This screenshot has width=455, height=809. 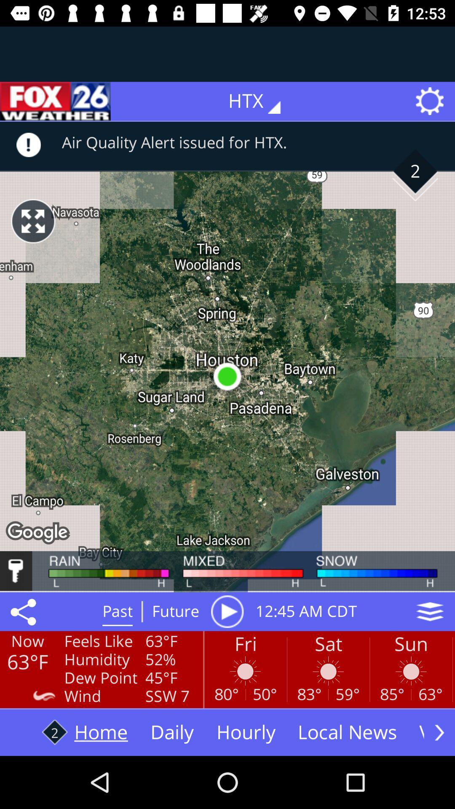 What do you see at coordinates (227, 611) in the screenshot?
I see `the icon to the left of 12 45 am item` at bounding box center [227, 611].